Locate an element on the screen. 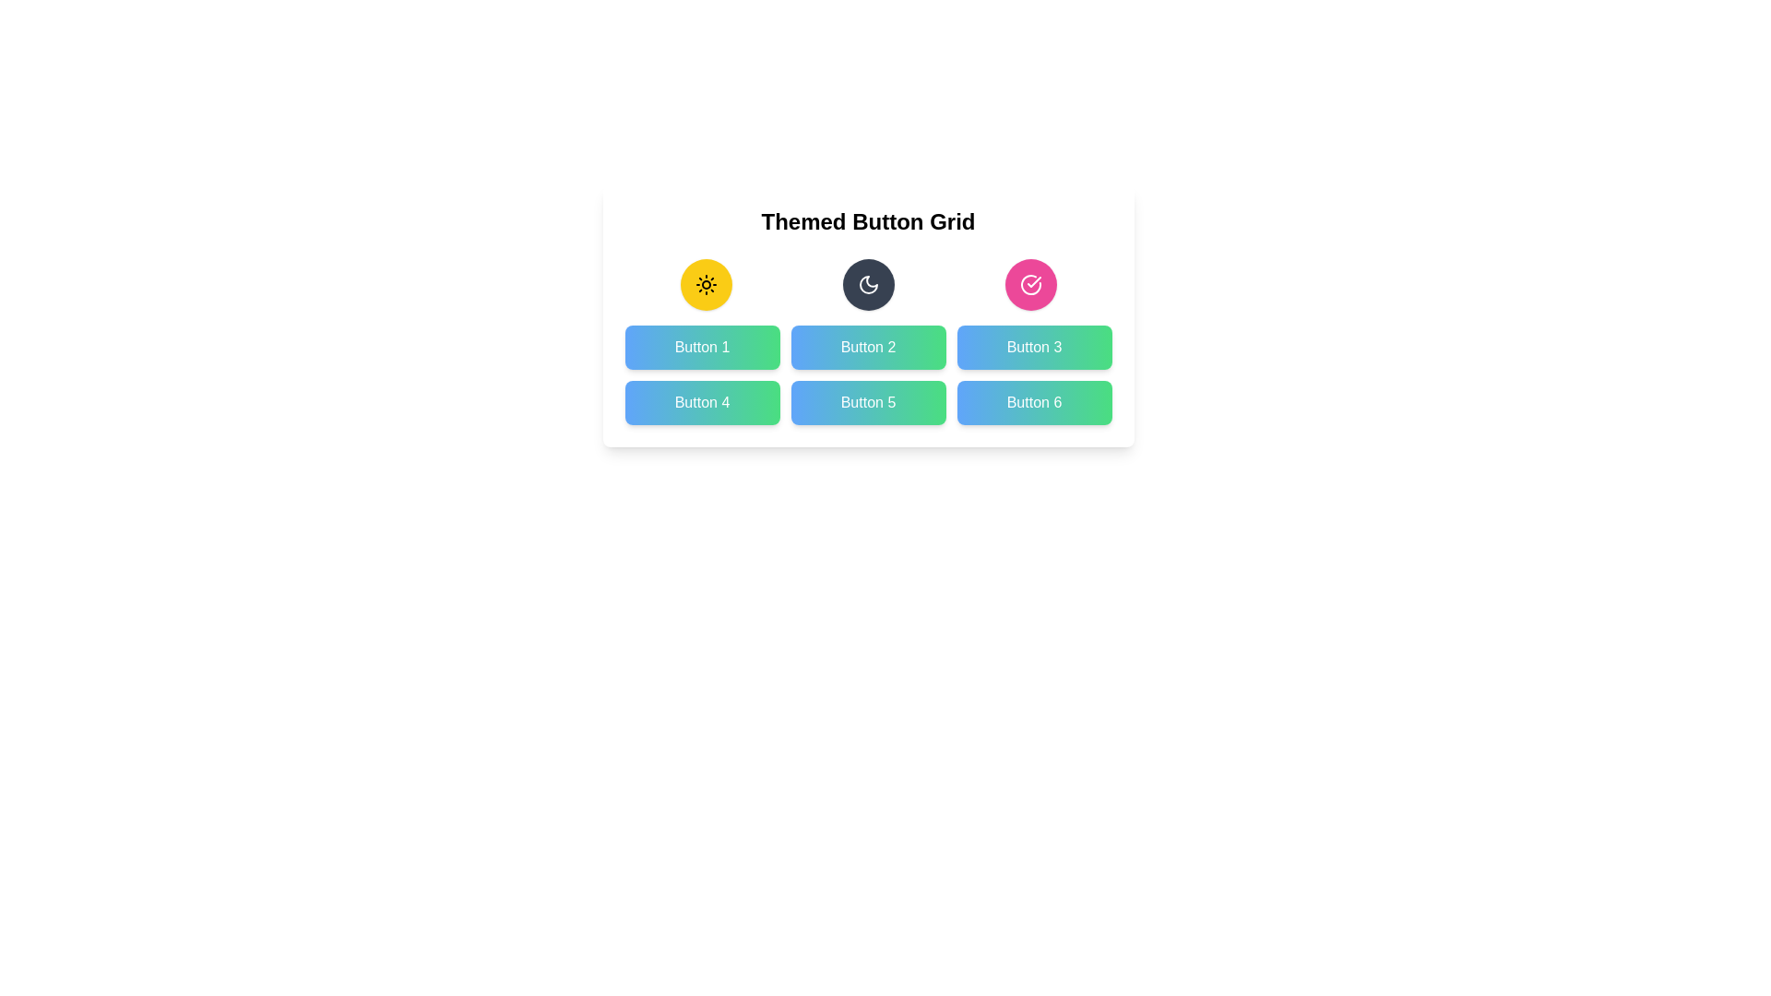 The height and width of the screenshot is (996, 1771). the 'Button 1' located in the top-left corner of the button grid is located at coordinates (701, 348).